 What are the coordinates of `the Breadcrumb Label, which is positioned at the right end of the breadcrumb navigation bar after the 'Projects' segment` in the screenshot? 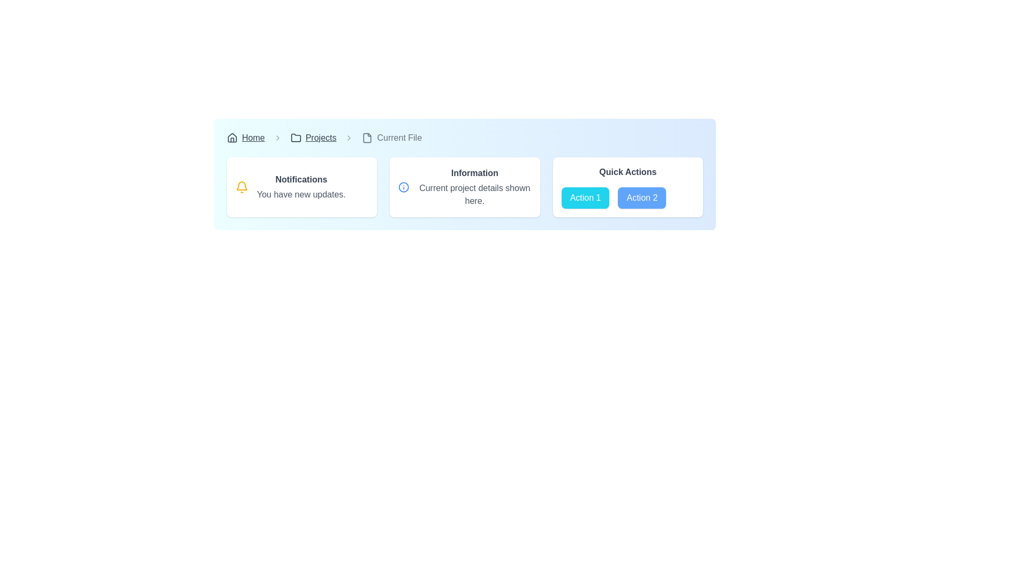 It's located at (399, 138).